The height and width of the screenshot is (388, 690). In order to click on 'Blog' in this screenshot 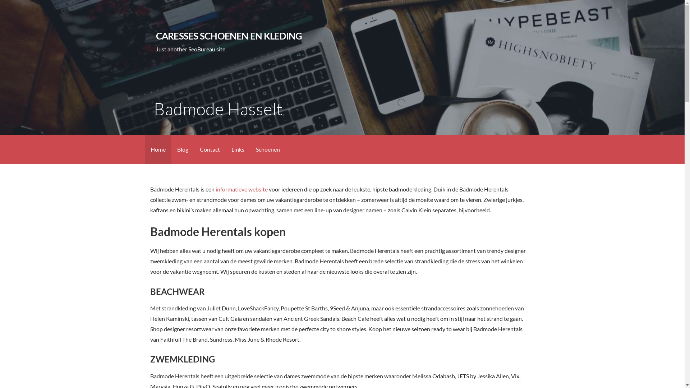, I will do `click(182, 149)`.